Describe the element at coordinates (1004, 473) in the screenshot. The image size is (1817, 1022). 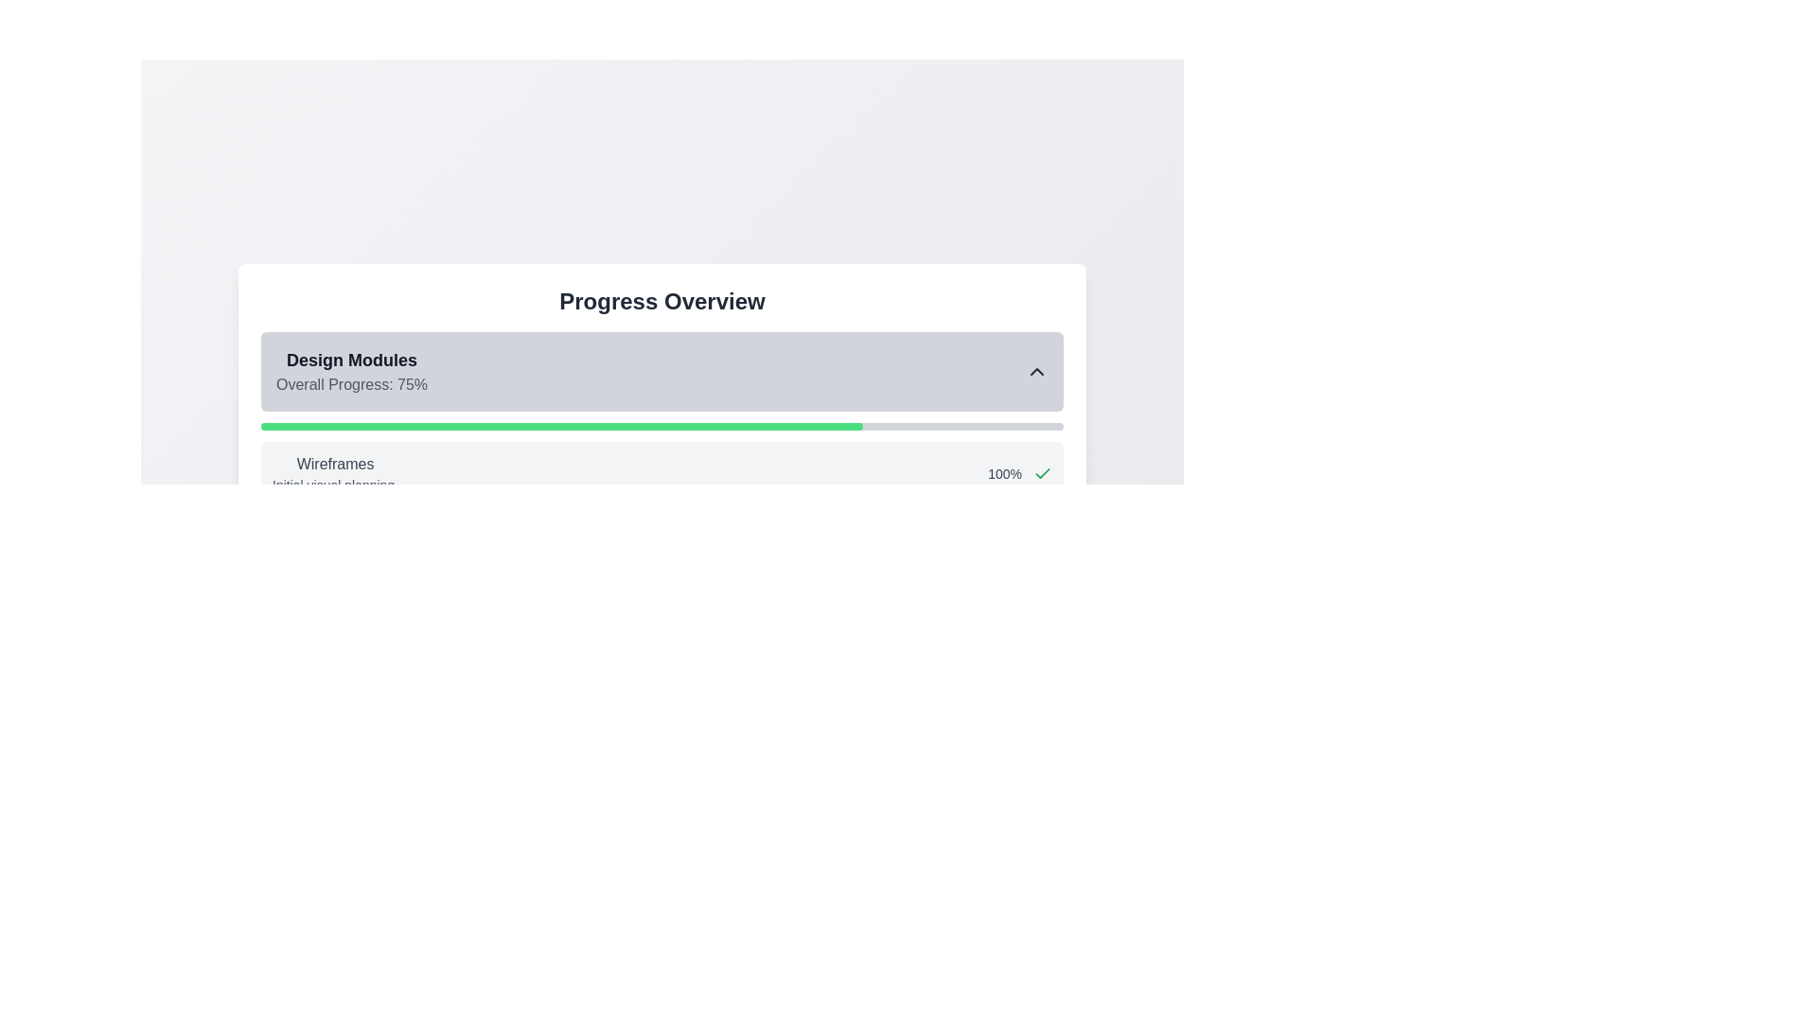
I see `the text label displaying '100%' in small gray font, which indicates progress or completion` at that location.